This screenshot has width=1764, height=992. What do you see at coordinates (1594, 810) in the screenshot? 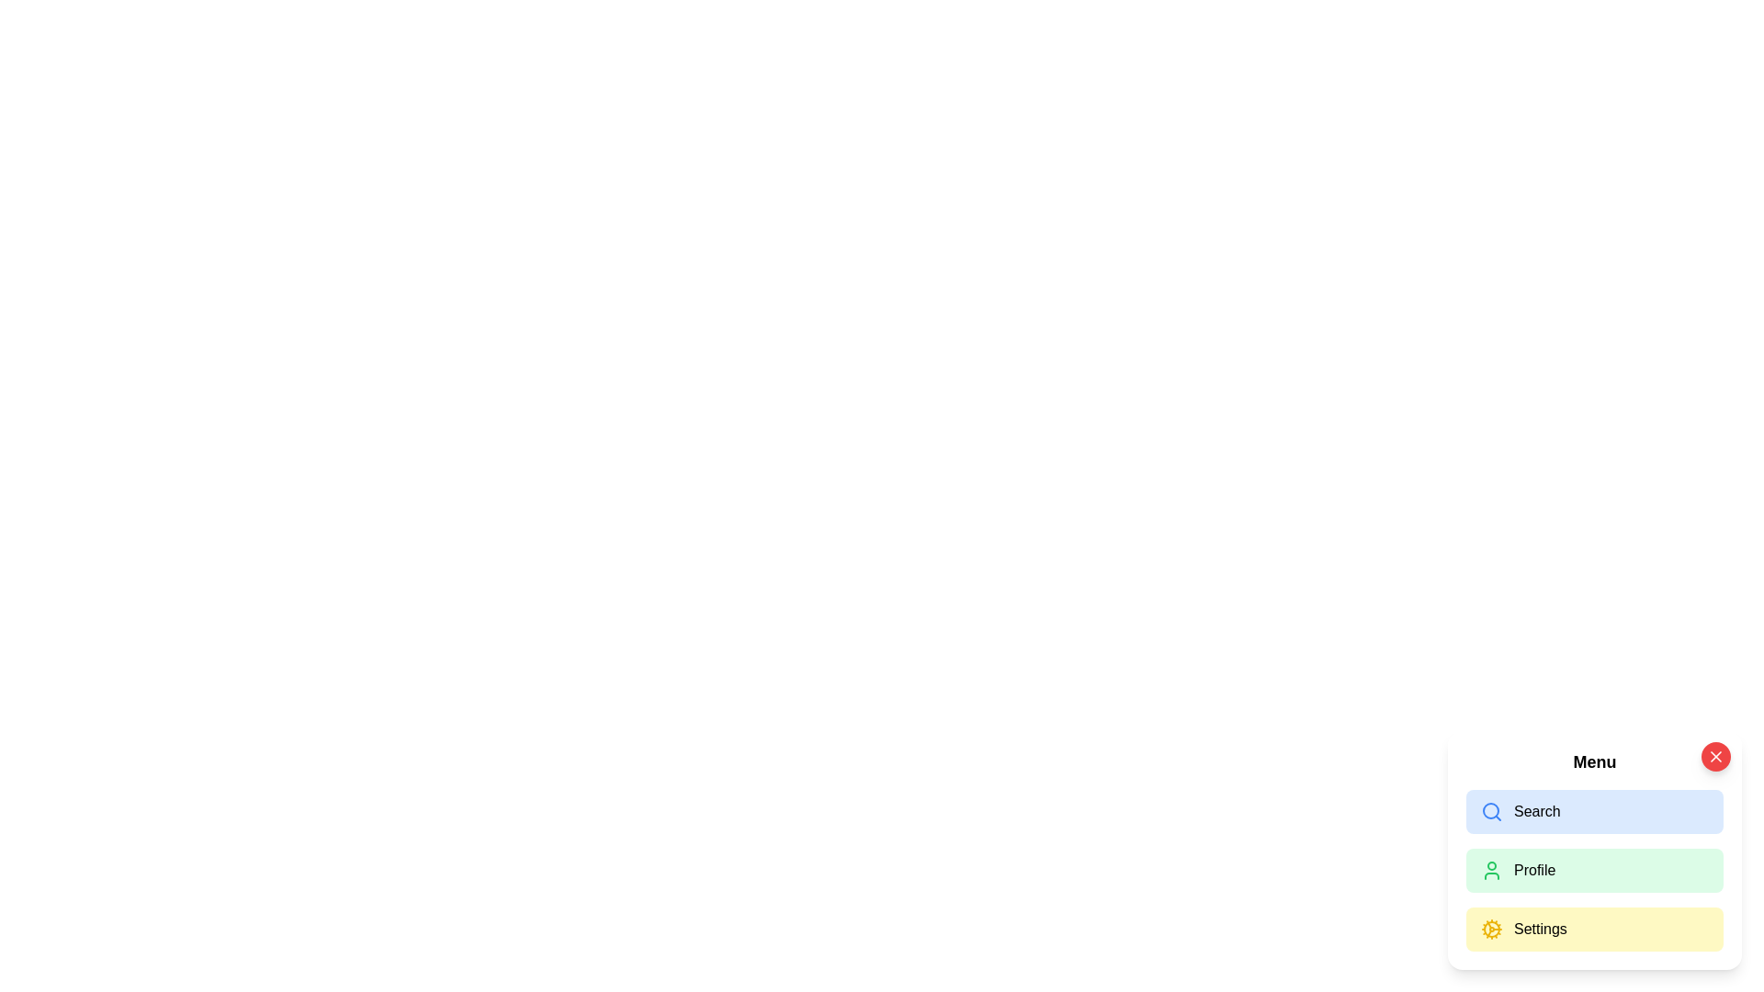
I see `the search button located above the 'Profile' button with a green background` at bounding box center [1594, 810].